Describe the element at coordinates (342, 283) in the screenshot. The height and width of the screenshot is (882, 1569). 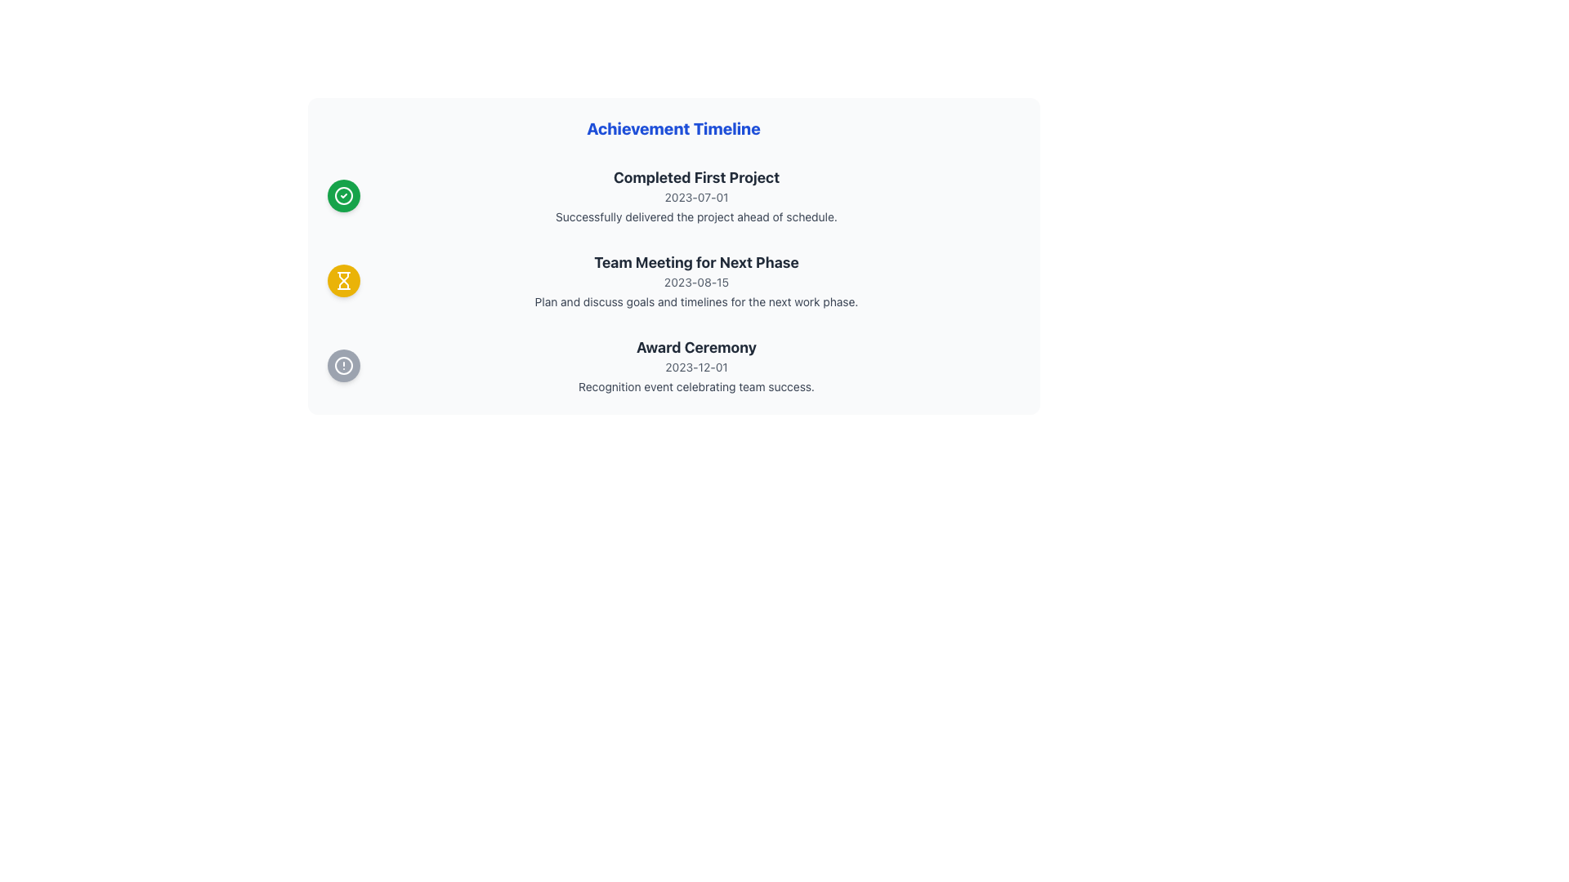
I see `the hourglass SVG icon that represents a timeline milestone, located between a green check mark above and a gray alert icon below, to the left of the text 'Team Meeting for Next Phase'` at that location.